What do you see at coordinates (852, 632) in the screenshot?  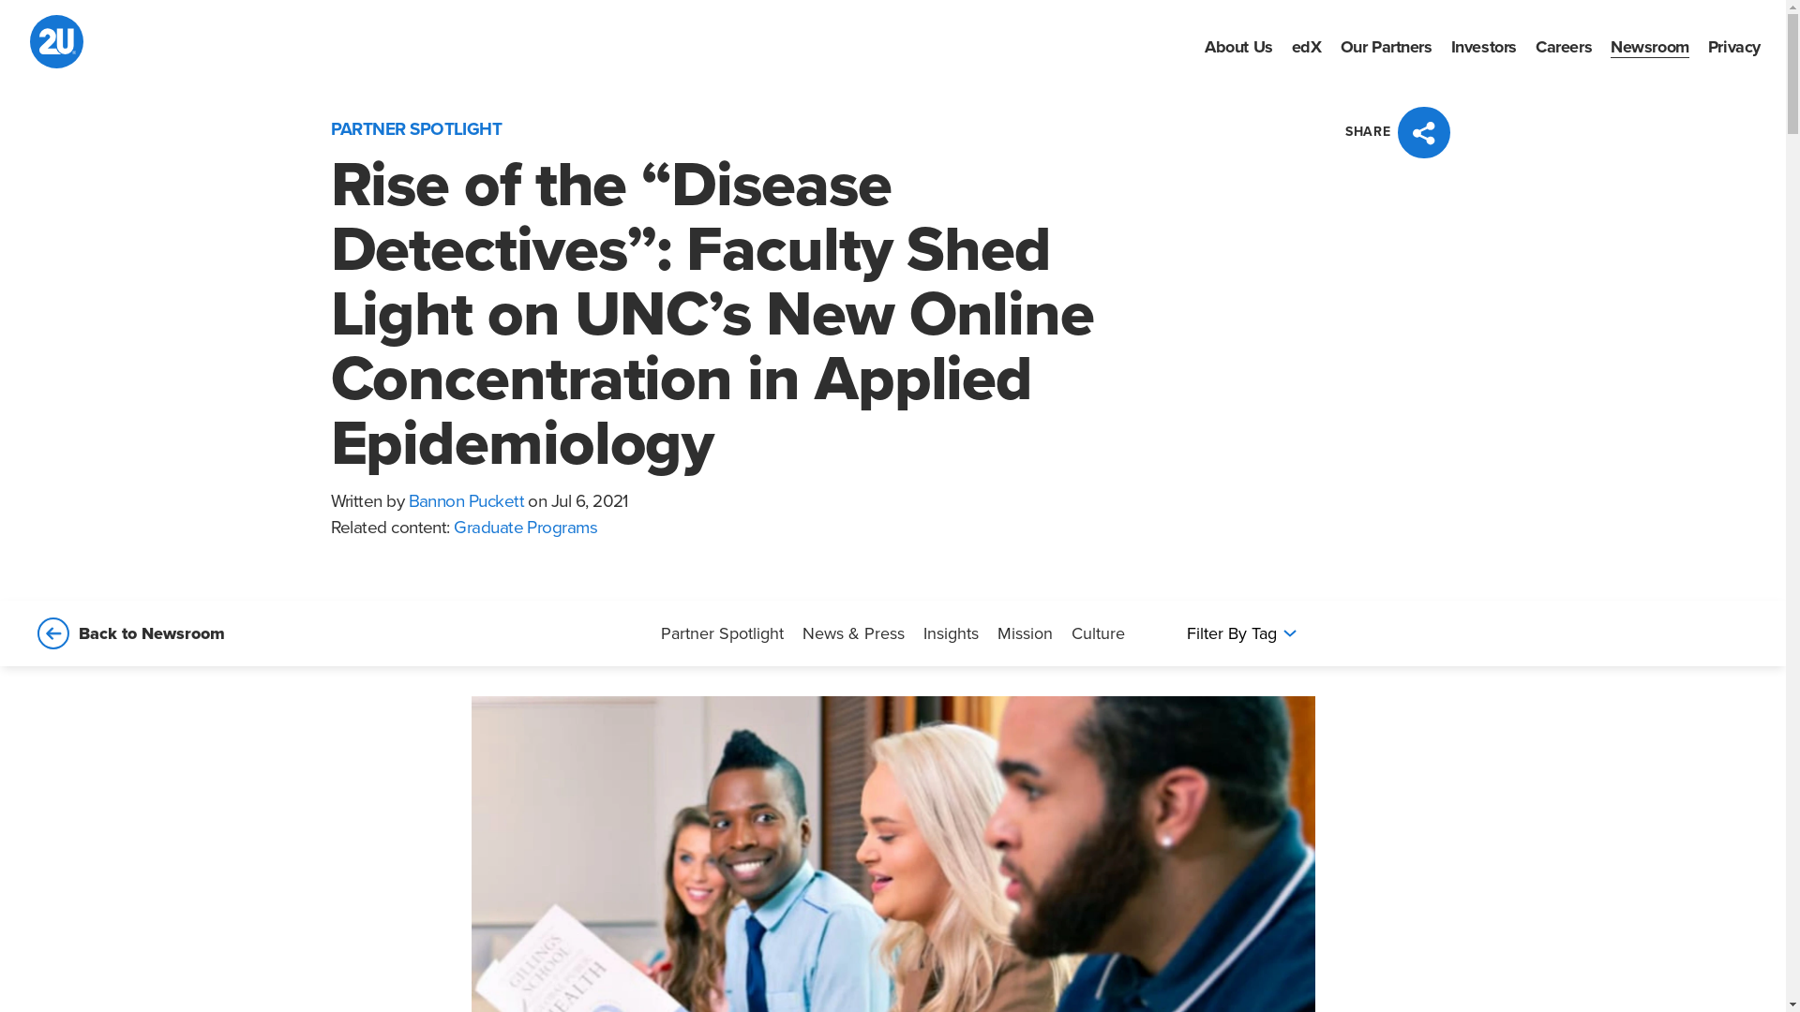 I see `'News & Press'` at bounding box center [852, 632].